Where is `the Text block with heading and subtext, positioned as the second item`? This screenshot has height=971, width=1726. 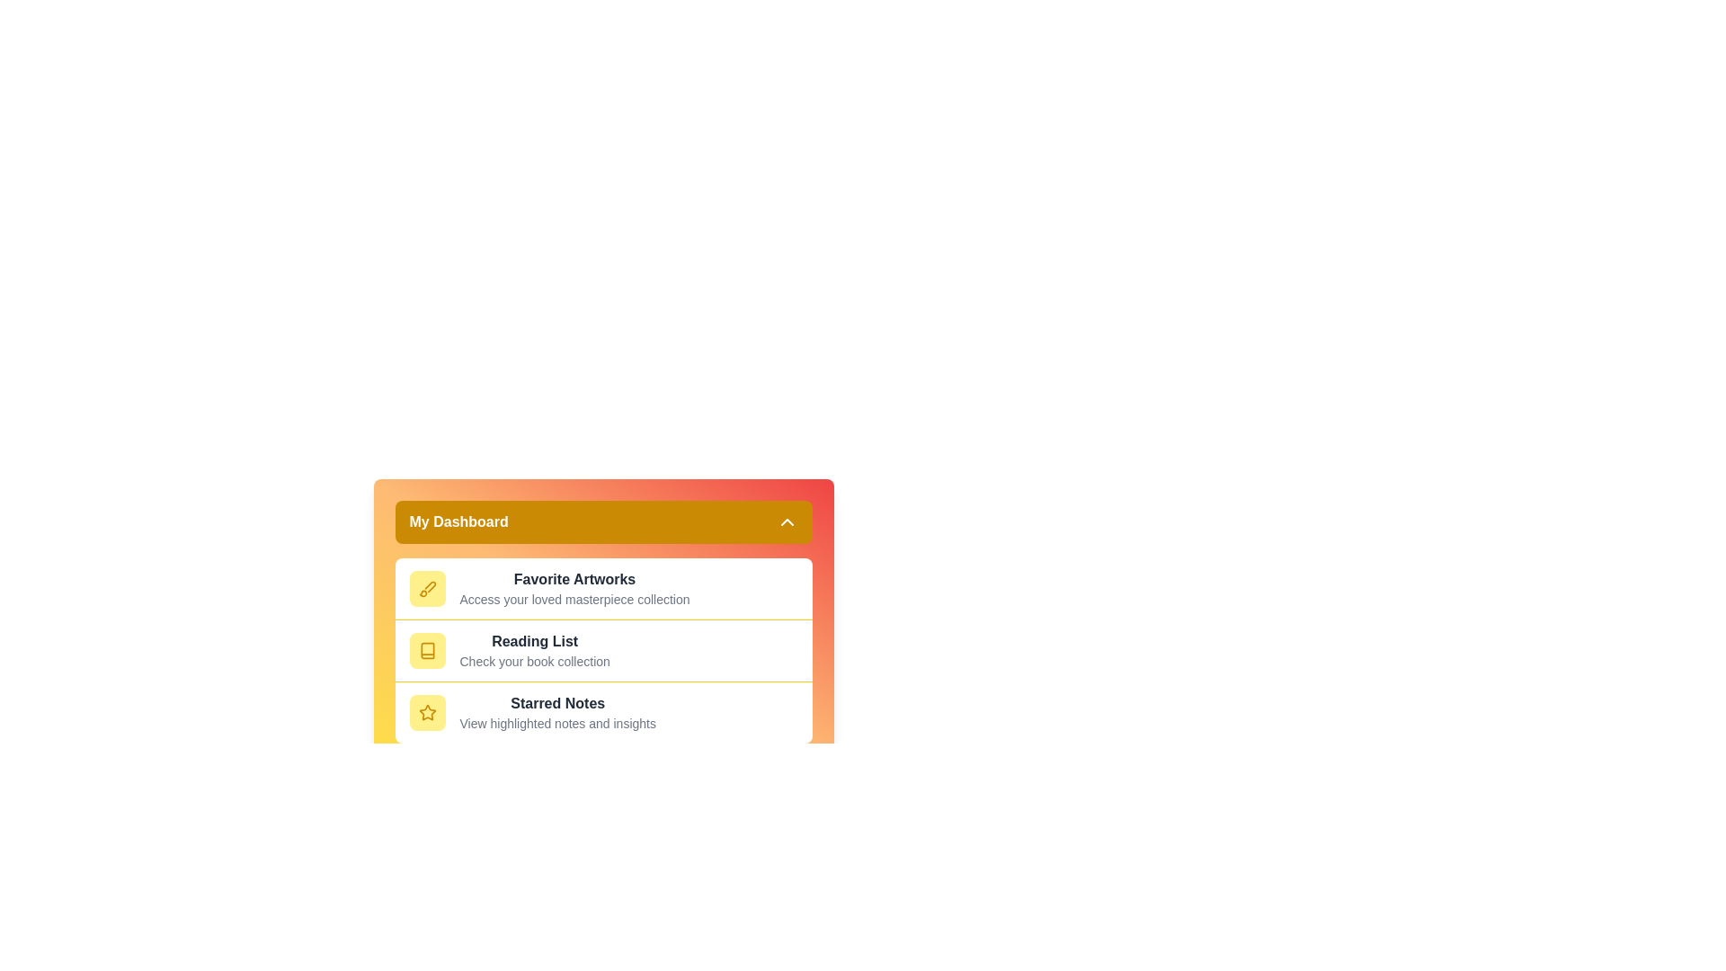
the Text block with heading and subtext, positioned as the second item is located at coordinates (534, 651).